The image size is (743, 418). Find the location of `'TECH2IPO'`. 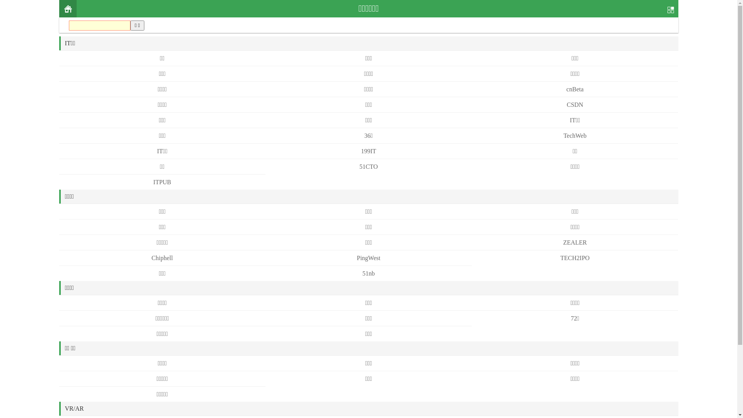

'TECH2IPO' is located at coordinates (575, 258).